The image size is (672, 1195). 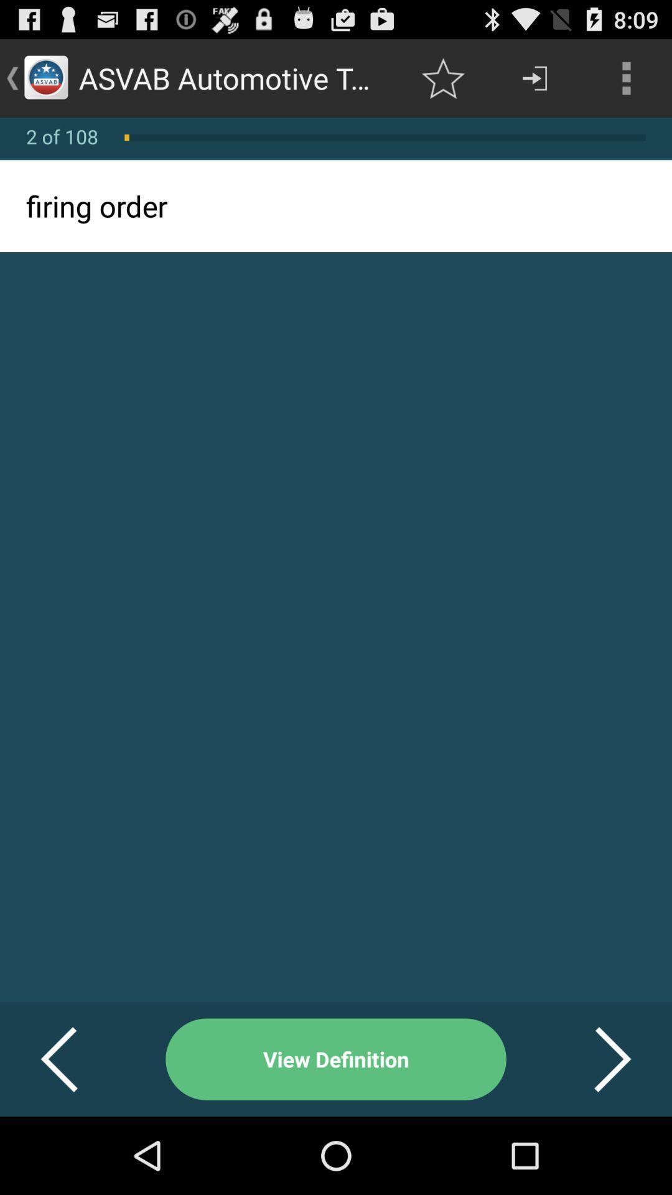 What do you see at coordinates (442, 77) in the screenshot?
I see `item next to asvab automotive terminologies app` at bounding box center [442, 77].